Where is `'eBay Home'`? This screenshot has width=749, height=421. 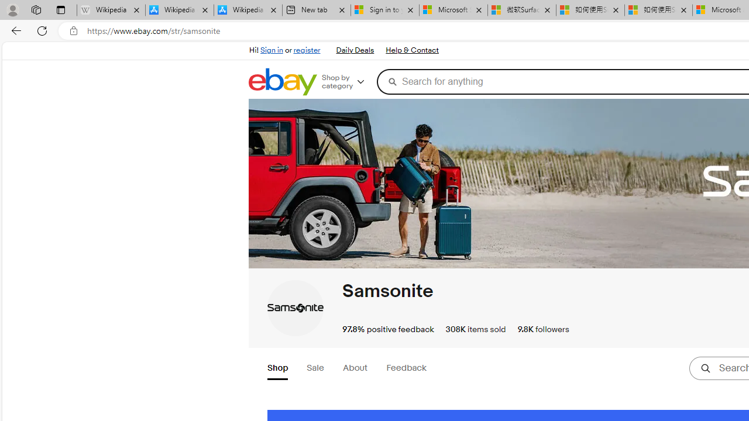 'eBay Home' is located at coordinates (283, 81).